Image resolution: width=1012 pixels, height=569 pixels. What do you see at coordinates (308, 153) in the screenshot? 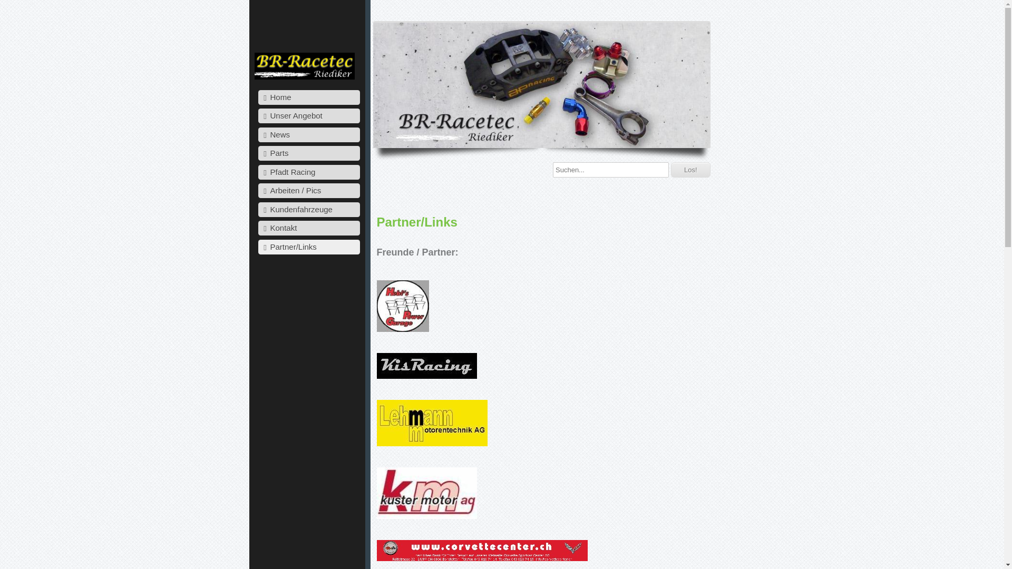
I see `'Parts'` at bounding box center [308, 153].